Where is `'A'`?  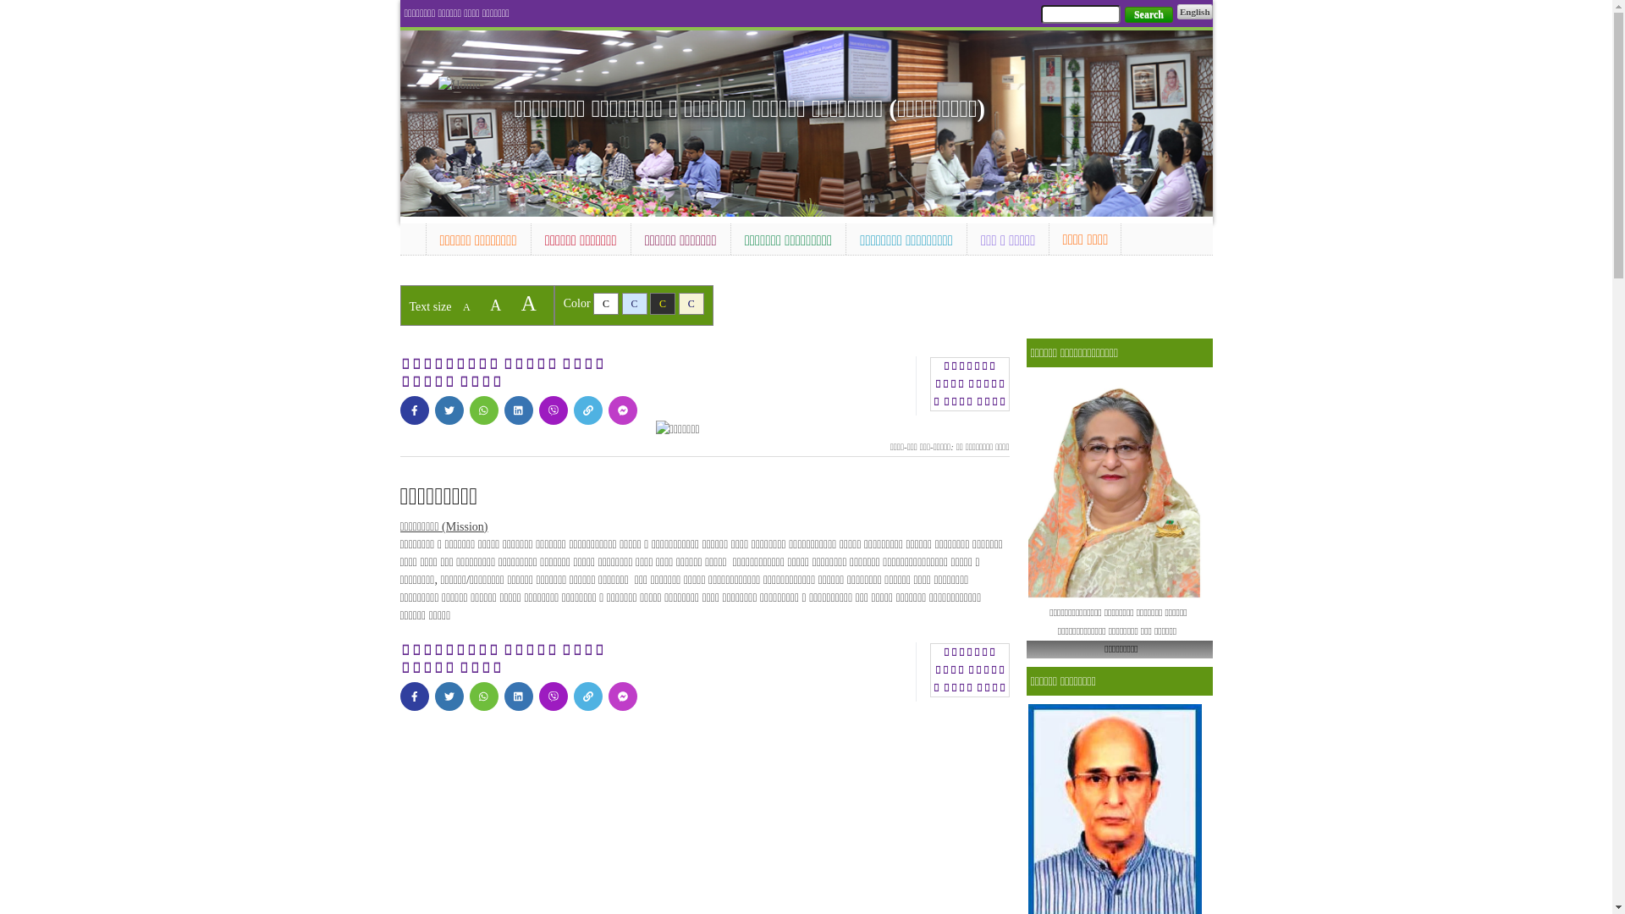
'A' is located at coordinates (481, 306).